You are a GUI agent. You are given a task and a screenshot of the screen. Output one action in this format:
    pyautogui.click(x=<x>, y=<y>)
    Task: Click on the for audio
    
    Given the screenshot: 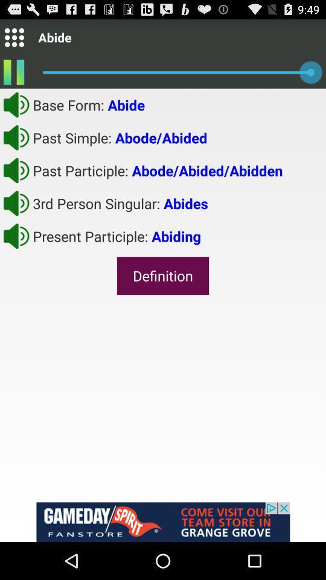 What is the action you would take?
    pyautogui.click(x=16, y=203)
    